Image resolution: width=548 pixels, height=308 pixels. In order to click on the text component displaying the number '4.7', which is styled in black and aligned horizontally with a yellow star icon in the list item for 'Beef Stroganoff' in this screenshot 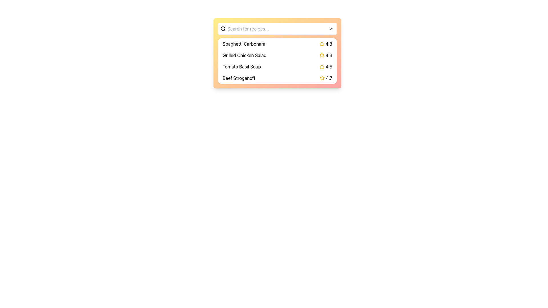, I will do `click(329, 78)`.